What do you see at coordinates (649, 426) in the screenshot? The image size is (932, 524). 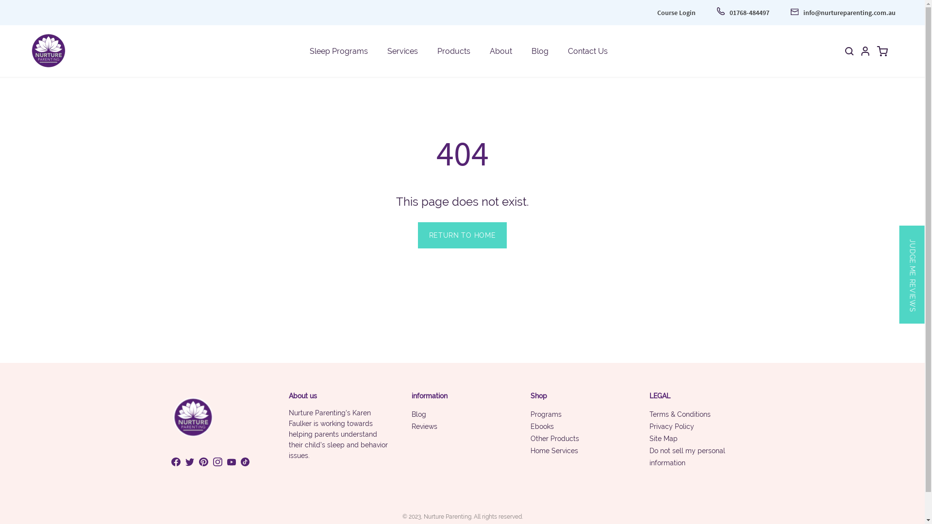 I see `'Privacy Policy'` at bounding box center [649, 426].